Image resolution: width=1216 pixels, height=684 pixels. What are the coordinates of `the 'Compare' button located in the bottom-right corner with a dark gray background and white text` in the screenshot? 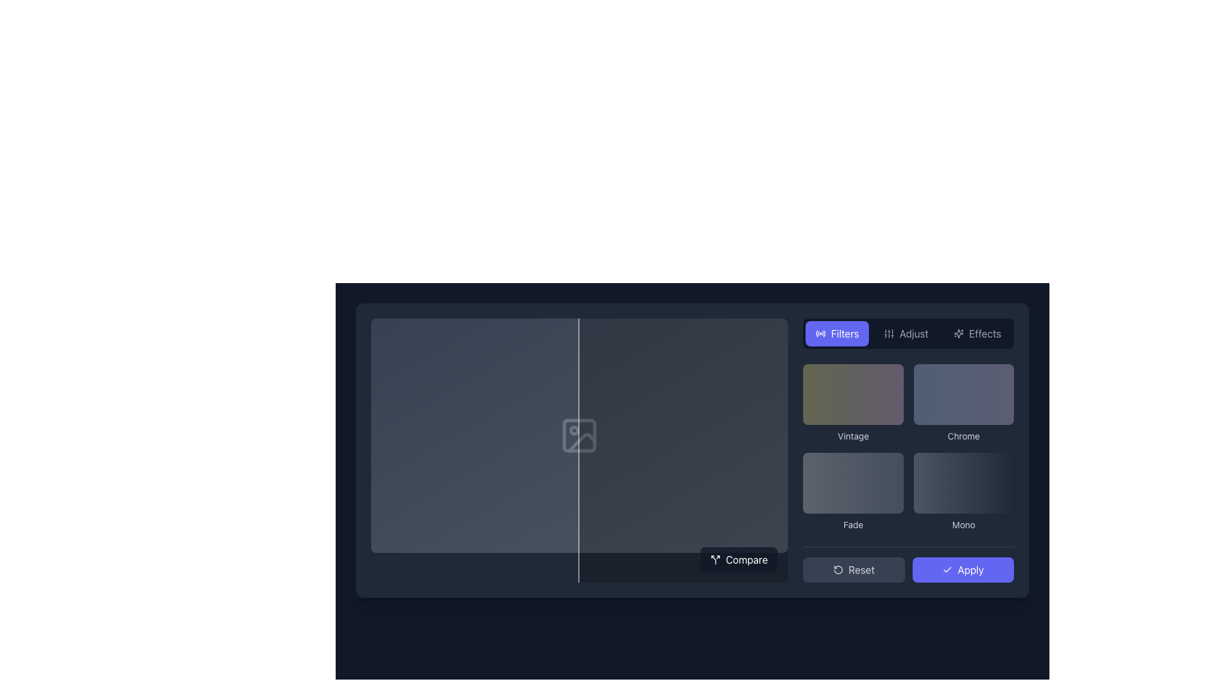 It's located at (739, 559).